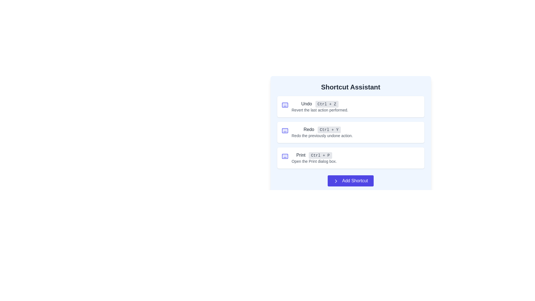 This screenshot has height=301, width=535. I want to click on the chevron icon located to the left of the 'Add Shortcut' button, which serves as a navigational hint or button, so click(336, 181).